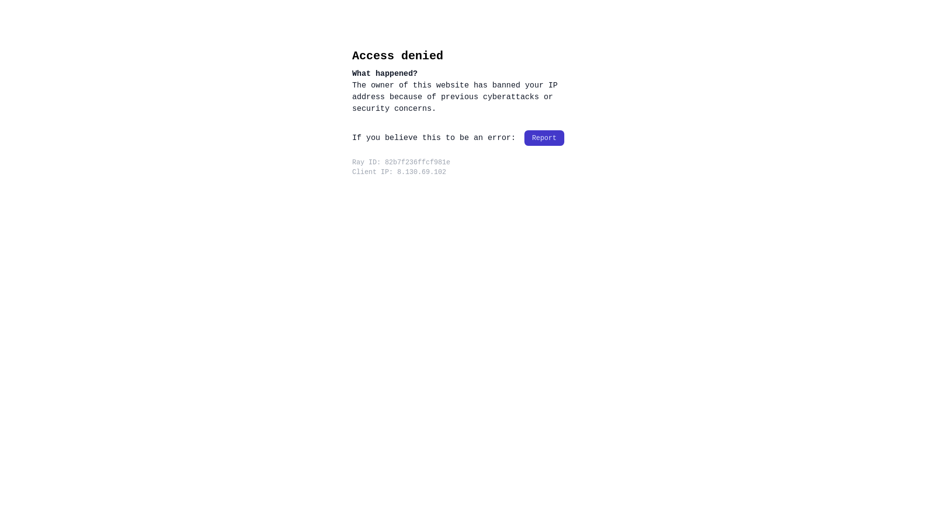 The image size is (934, 525). What do you see at coordinates (524, 138) in the screenshot?
I see `'Report'` at bounding box center [524, 138].